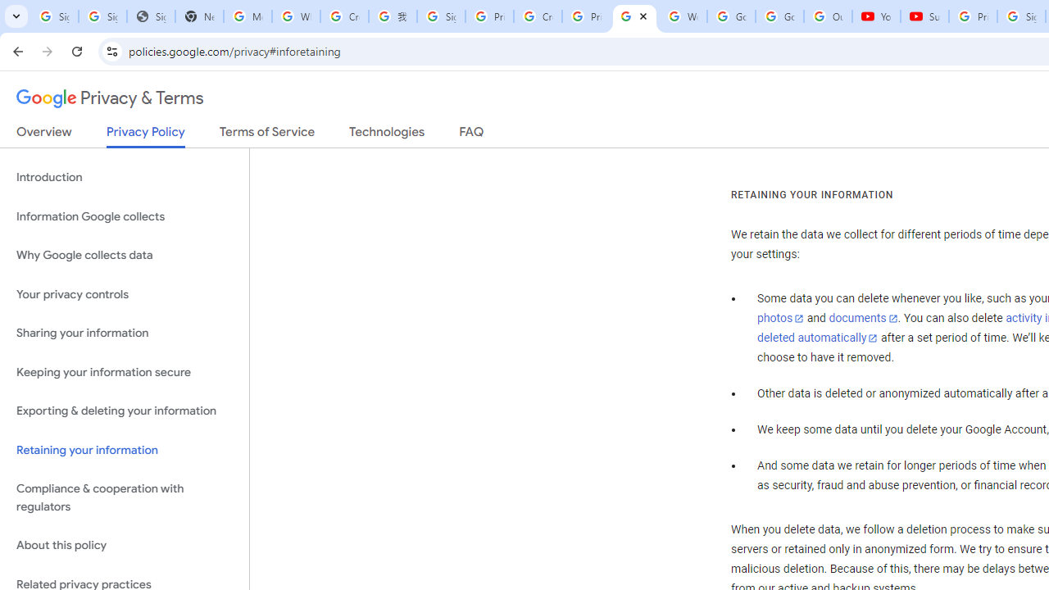 The height and width of the screenshot is (590, 1049). What do you see at coordinates (124, 333) in the screenshot?
I see `'Sharing your information'` at bounding box center [124, 333].